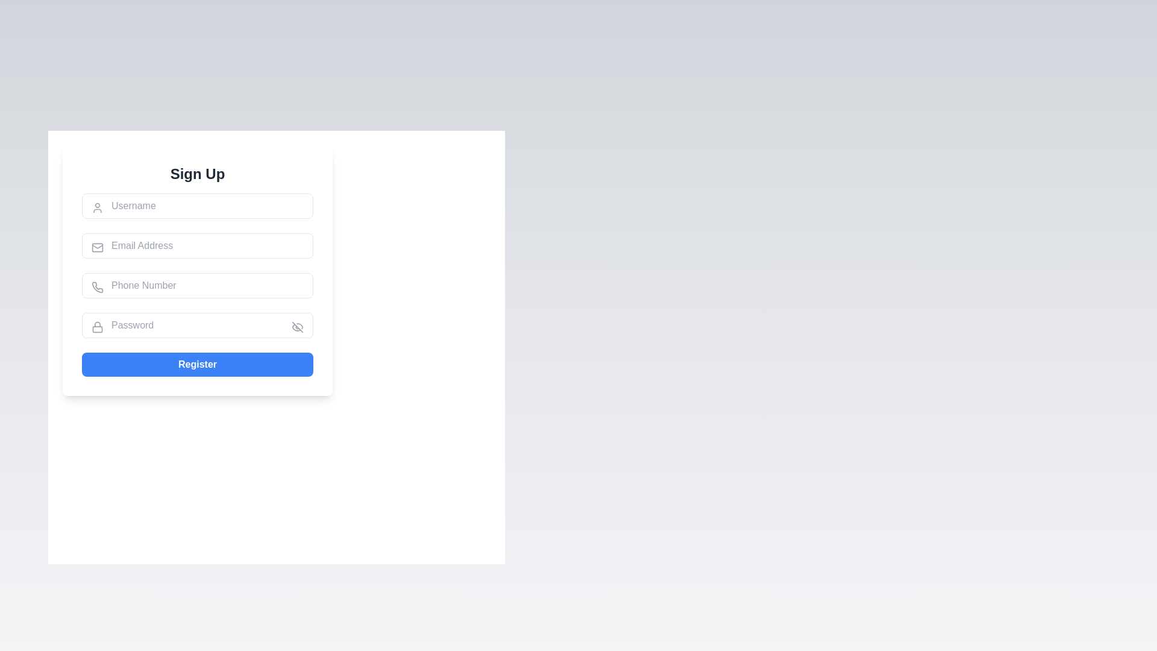  Describe the element at coordinates (98, 207) in the screenshot. I see `details of the 'Username' icon graphic (SVG) located to the far left inside the input field for 'Username' in the Sign-Up form interface` at that location.